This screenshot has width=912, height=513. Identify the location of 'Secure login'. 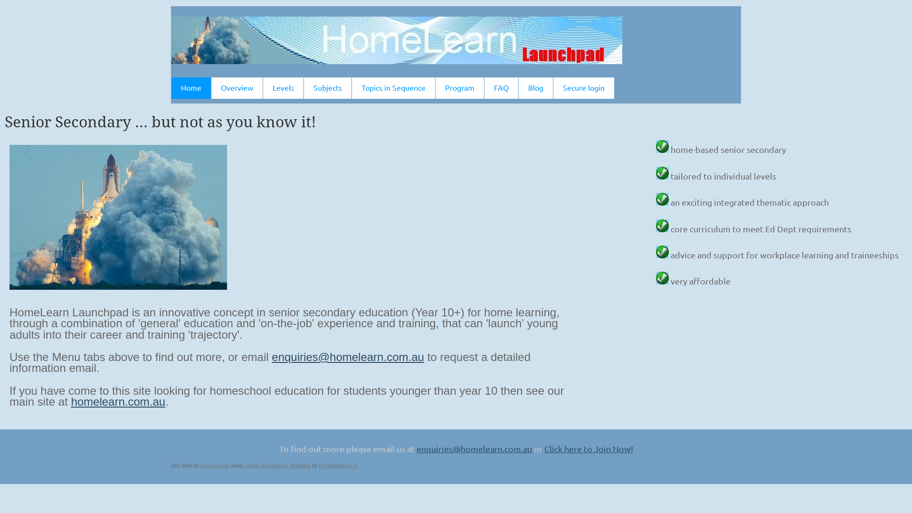
(583, 88).